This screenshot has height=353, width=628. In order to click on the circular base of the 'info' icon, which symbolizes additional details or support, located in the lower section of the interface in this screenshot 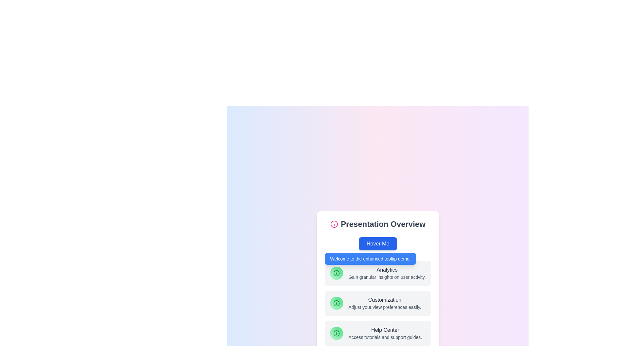, I will do `click(334, 224)`.